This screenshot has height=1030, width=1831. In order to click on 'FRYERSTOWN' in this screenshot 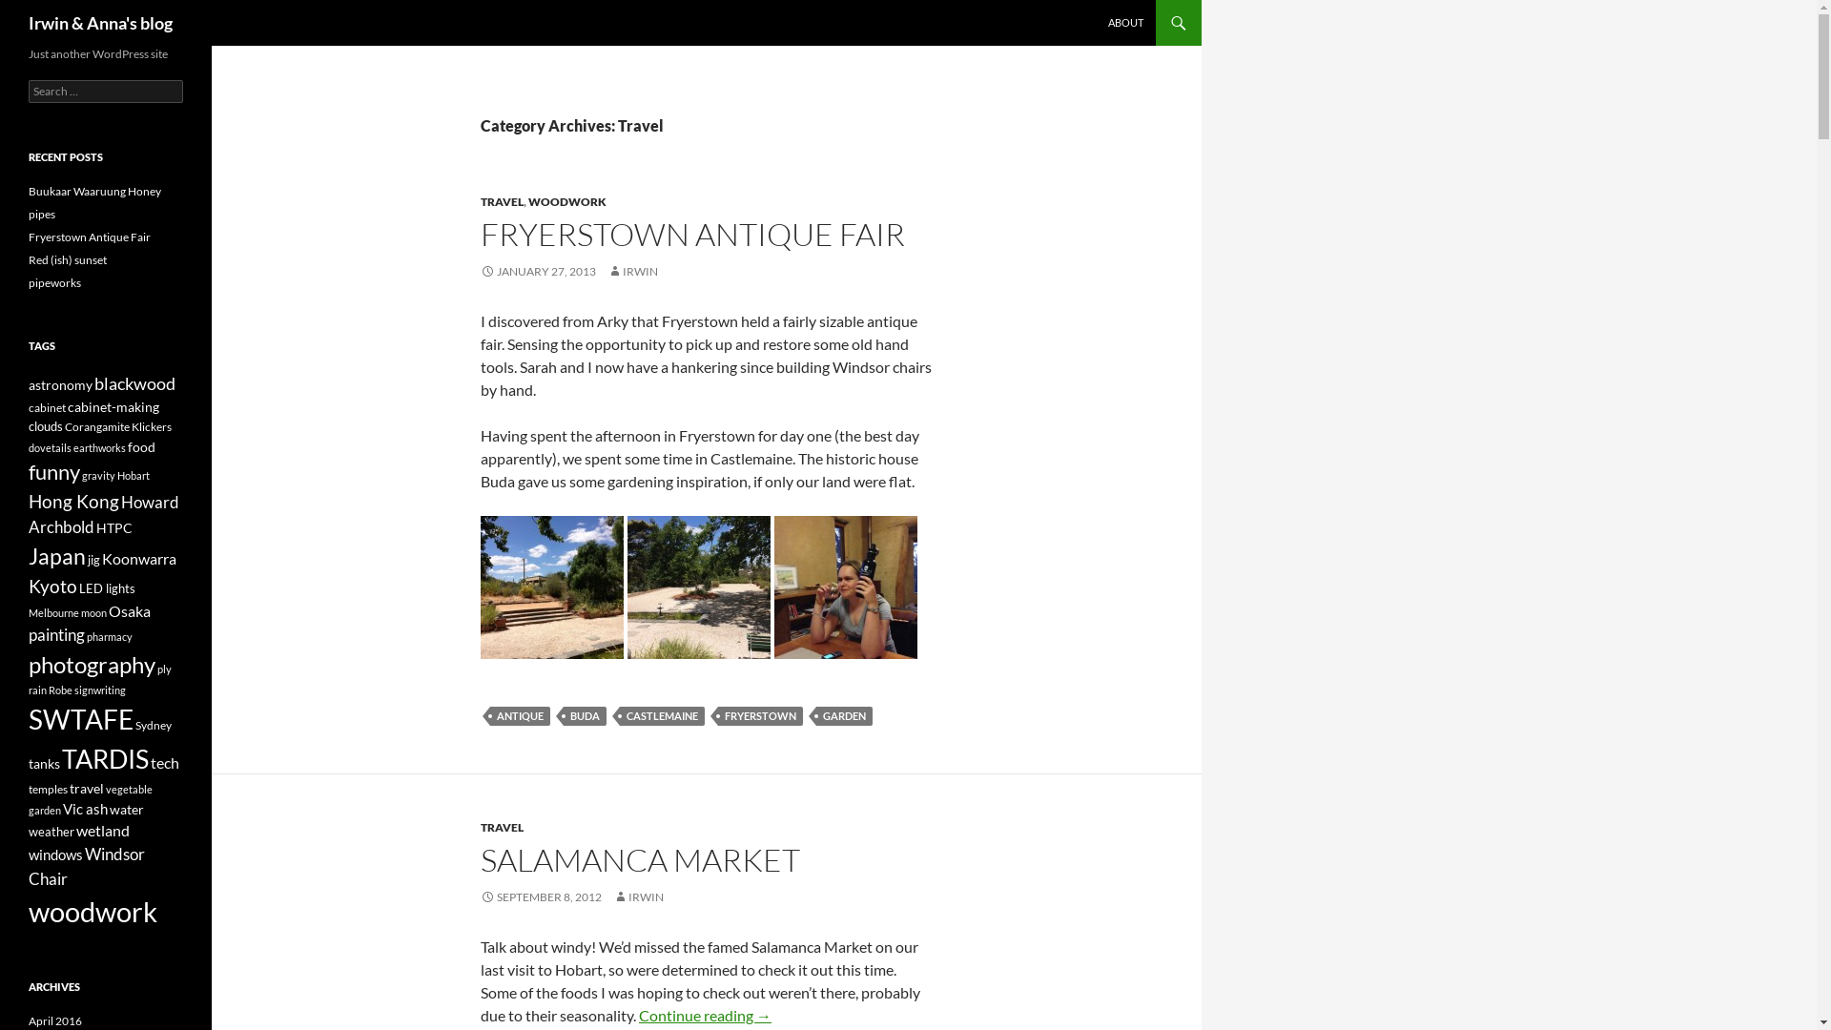, I will do `click(759, 716)`.